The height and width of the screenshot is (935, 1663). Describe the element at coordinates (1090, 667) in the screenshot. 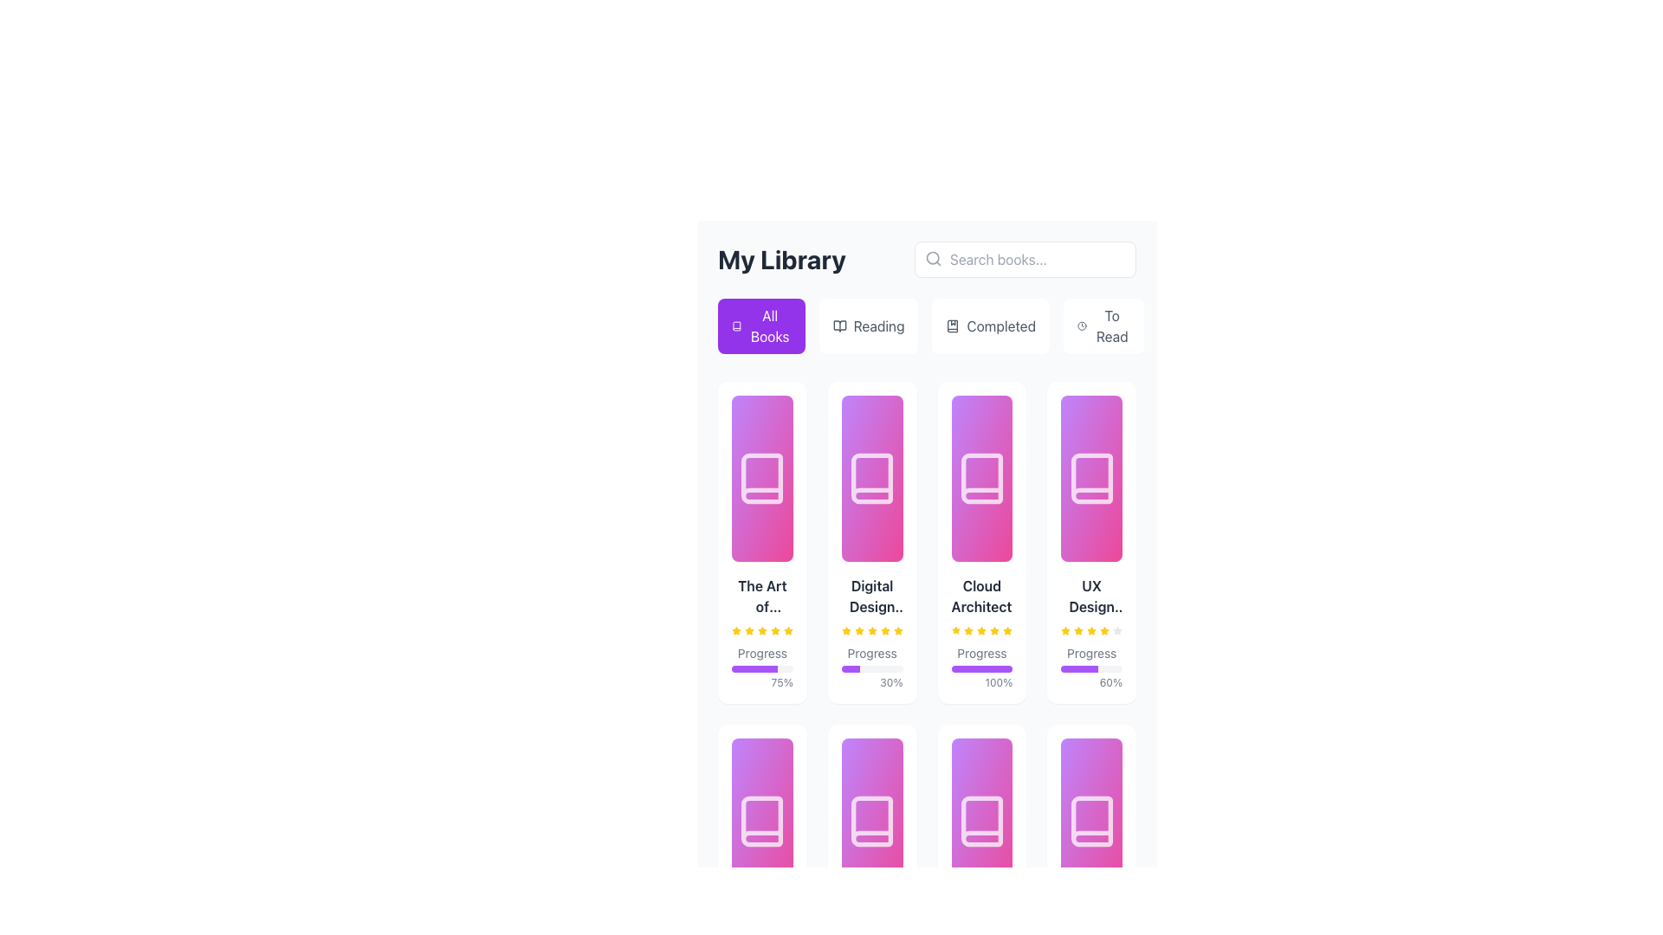

I see `the progress indicator labeled 'Progress' with a percentage of '60%' located in the card for 'UX Design Fundamentals'` at that location.